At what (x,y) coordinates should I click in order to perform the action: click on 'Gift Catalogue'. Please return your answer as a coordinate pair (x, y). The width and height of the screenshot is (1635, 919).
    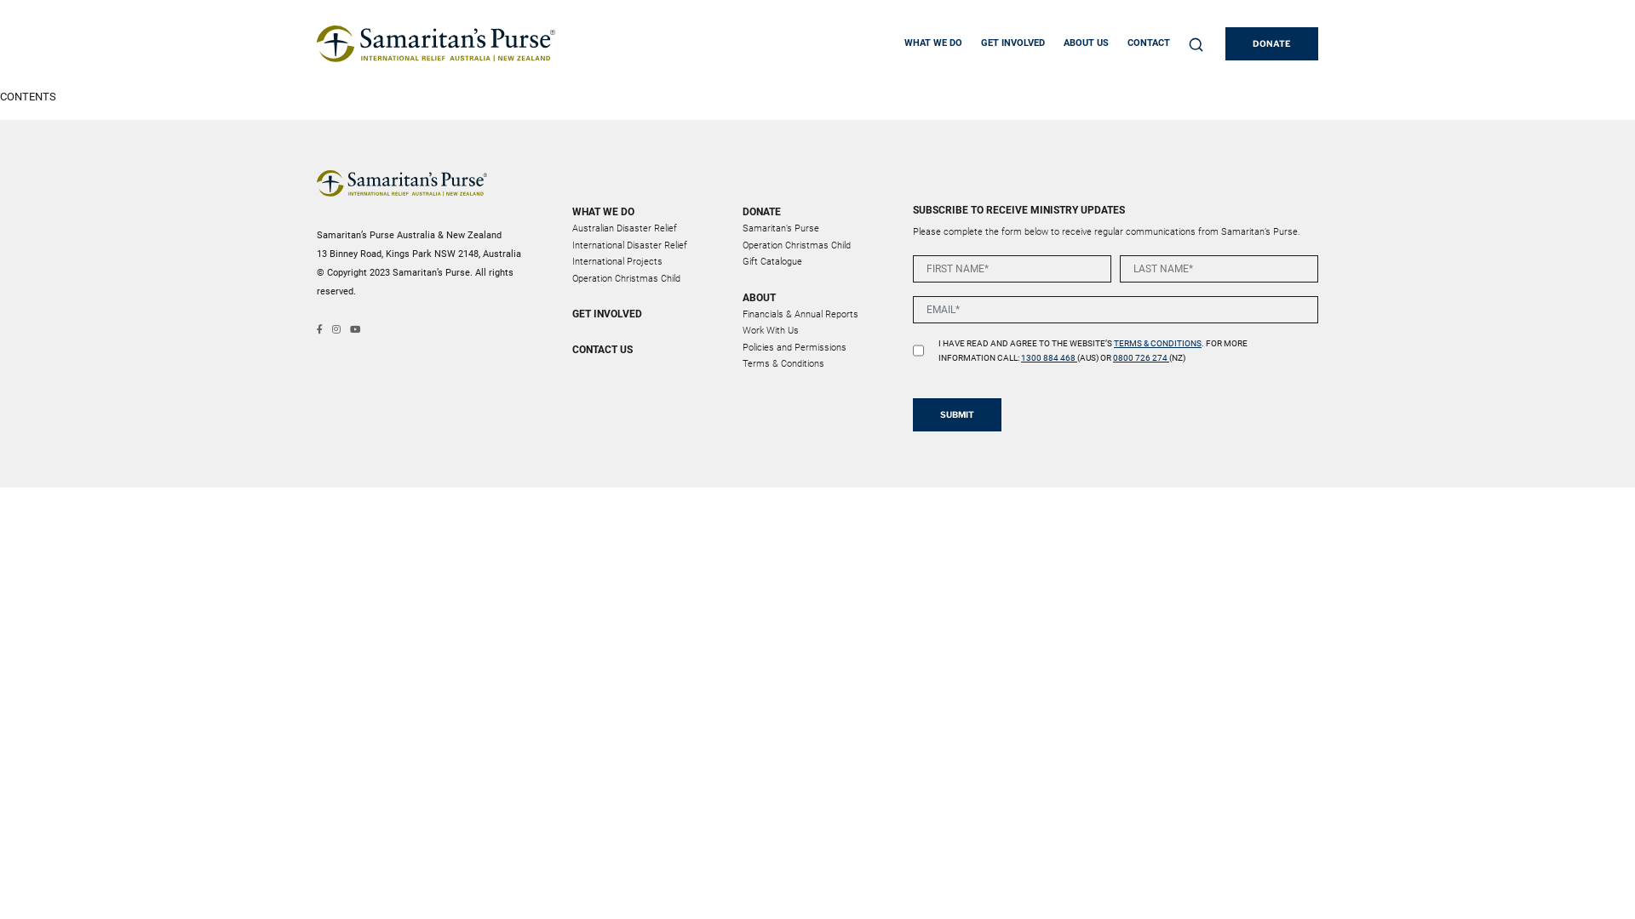
    Looking at the image, I should click on (772, 261).